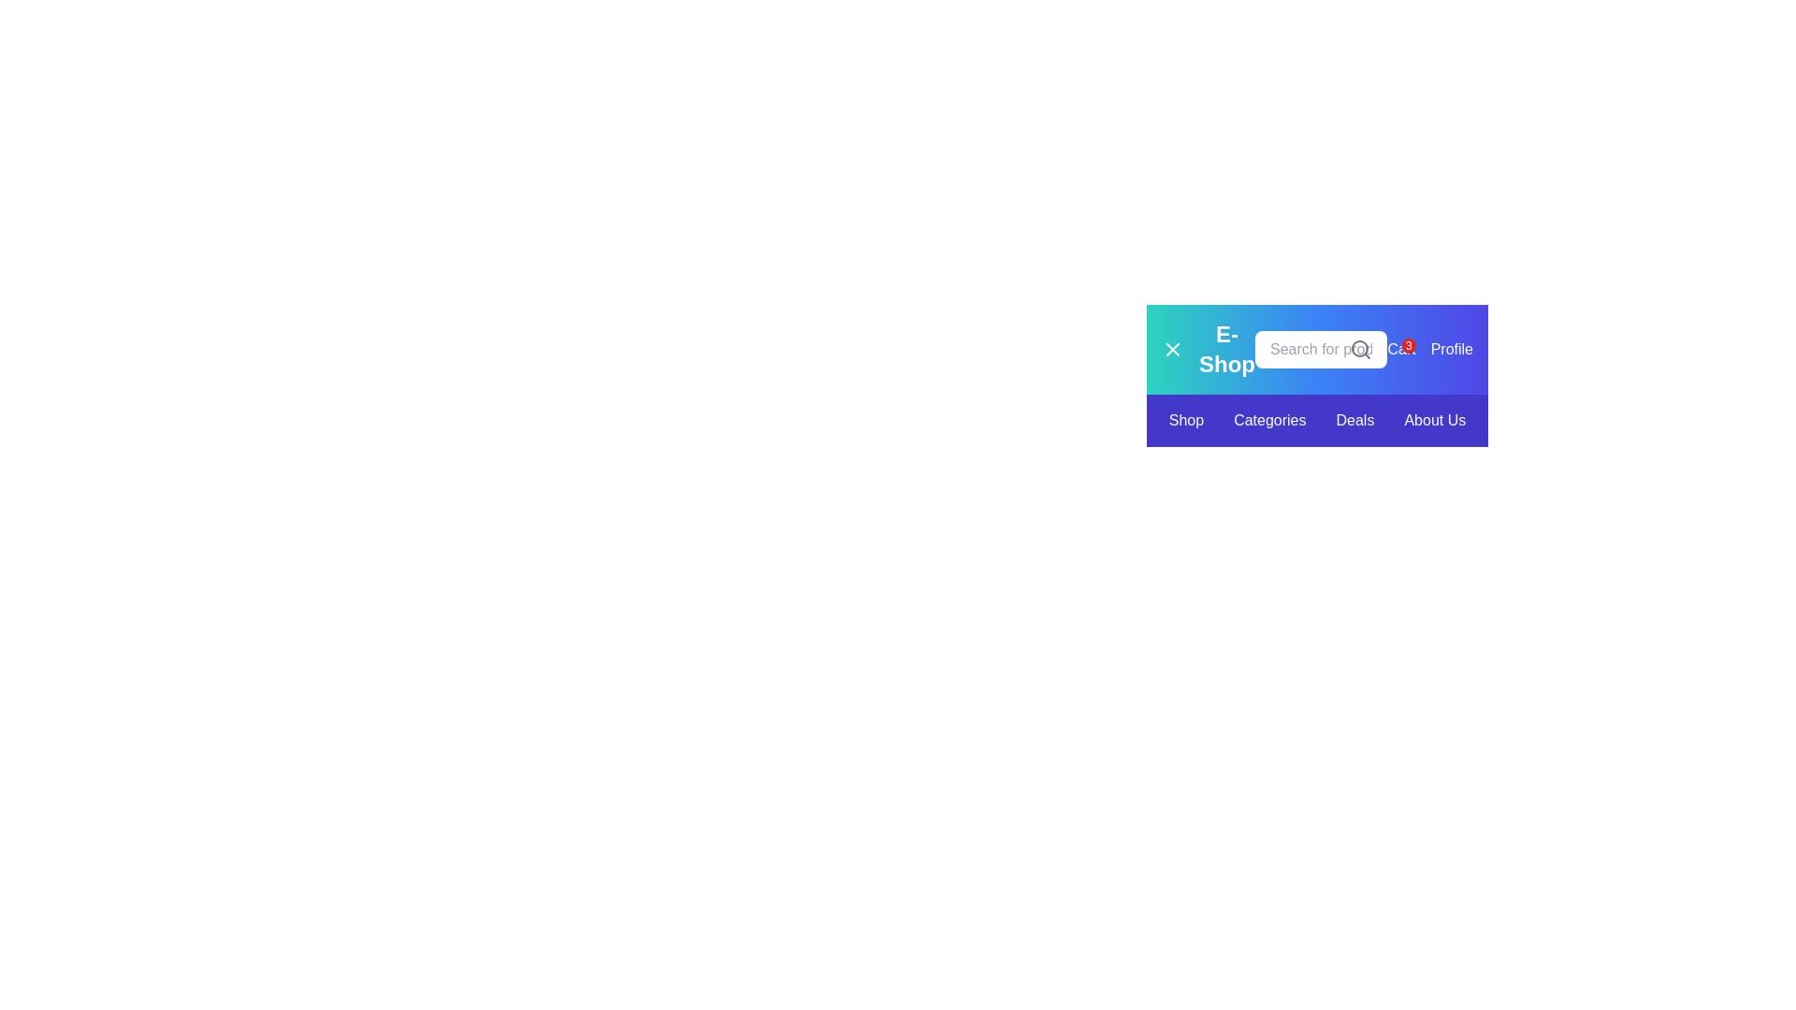 The width and height of the screenshot is (1796, 1010). What do you see at coordinates (1320, 350) in the screenshot?
I see `the search input field with placeholder 'Search for products...' to focus on it` at bounding box center [1320, 350].